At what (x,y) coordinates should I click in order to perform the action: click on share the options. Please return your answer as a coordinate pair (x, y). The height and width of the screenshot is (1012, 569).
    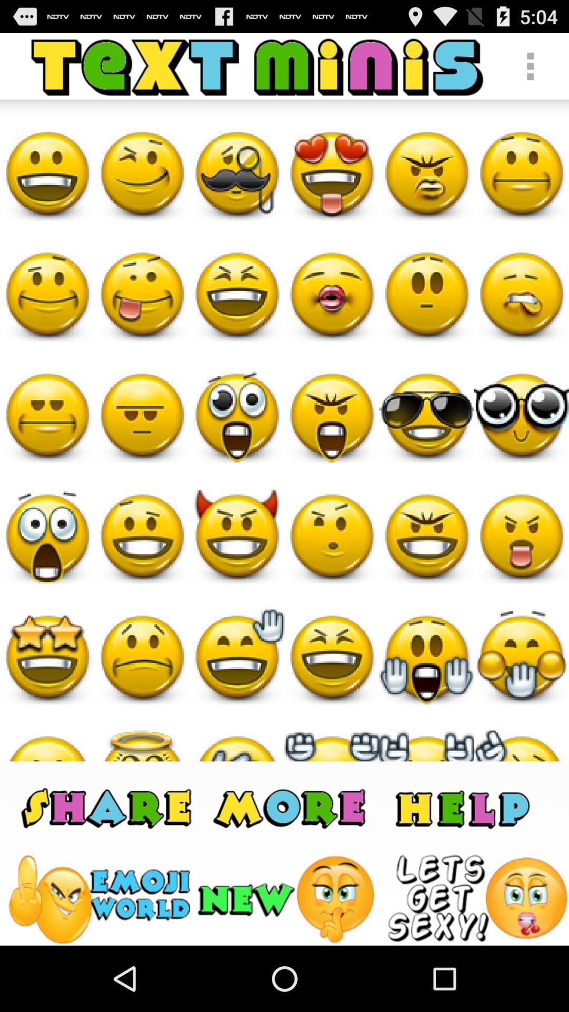
    Looking at the image, I should click on (291, 806).